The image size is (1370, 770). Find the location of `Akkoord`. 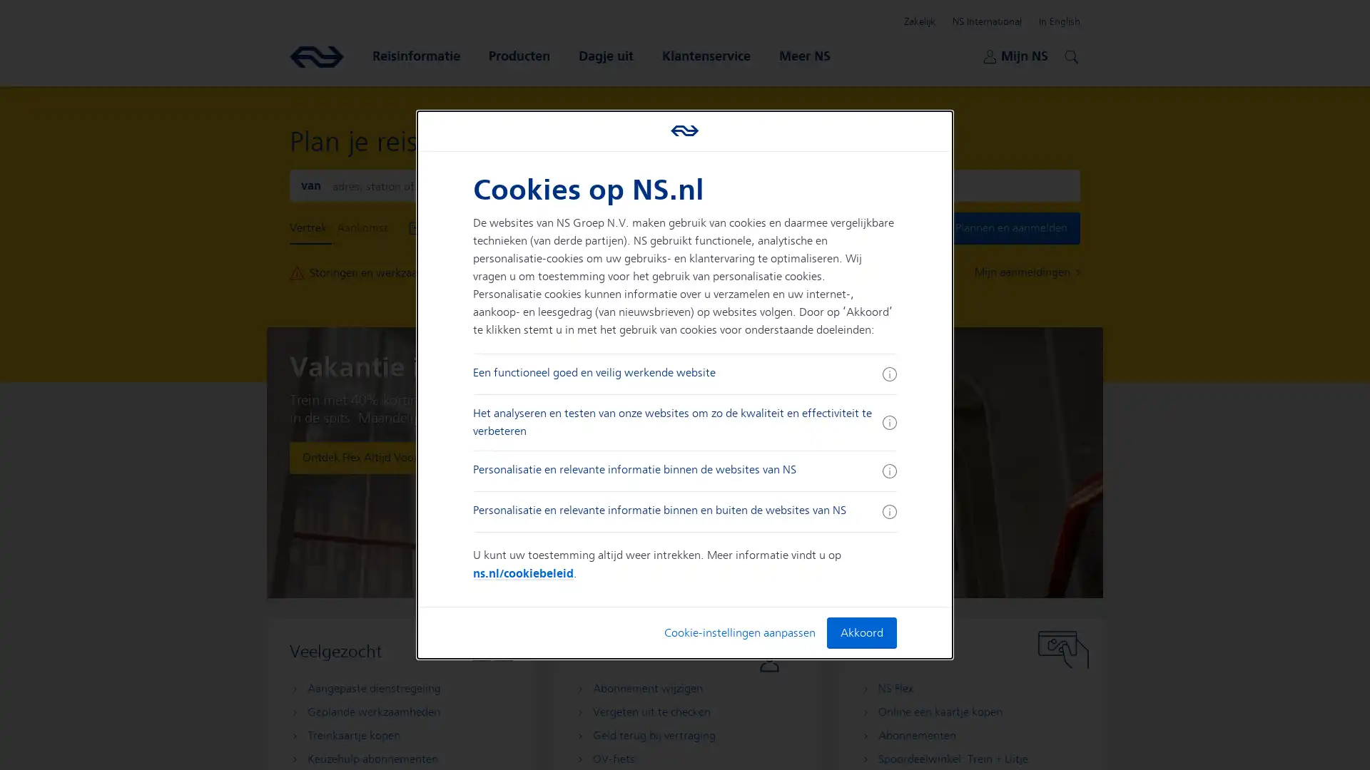

Akkoord is located at coordinates (860, 632).